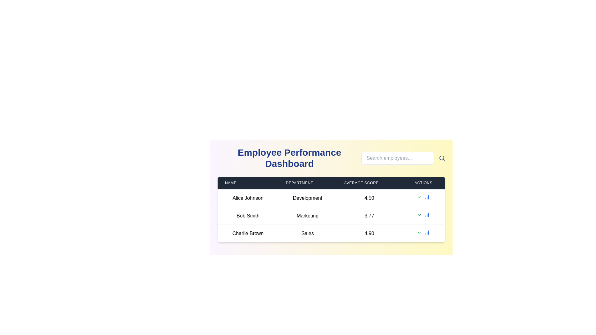  I want to click on the dropdown toggle icon resembling a downward-pointing chevron, located under the 'Actions' column next to Bob Smith in the Marketing department, so click(419, 197).